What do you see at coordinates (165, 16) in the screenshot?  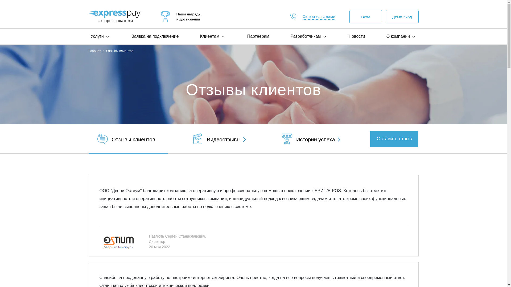 I see `'express-pay.by'` at bounding box center [165, 16].